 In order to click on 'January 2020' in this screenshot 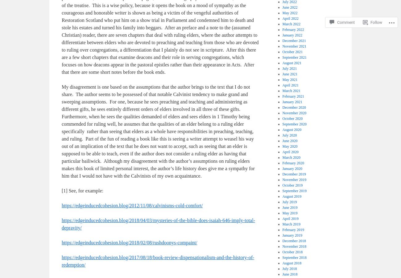, I will do `click(292, 168)`.